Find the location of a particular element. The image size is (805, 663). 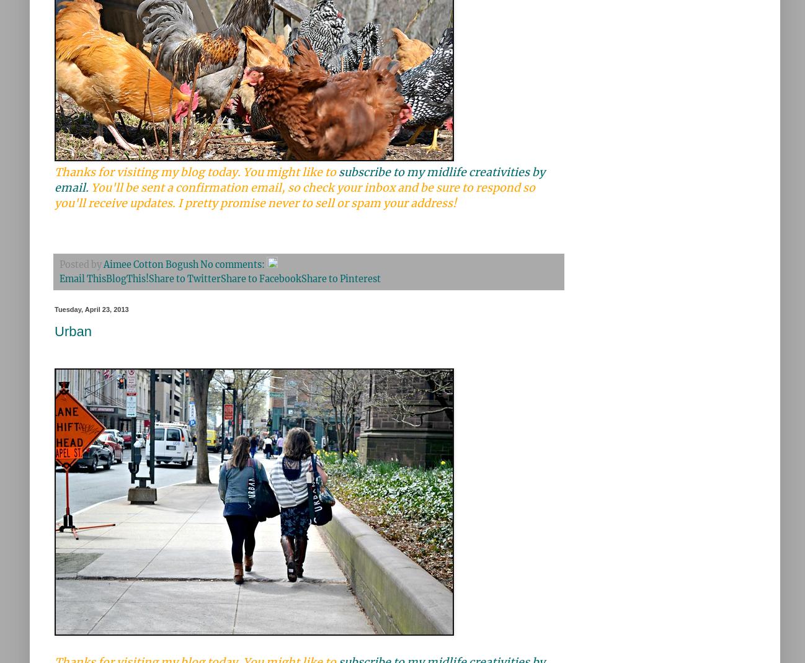

'Tuesday, April 23, 2013' is located at coordinates (91, 309).